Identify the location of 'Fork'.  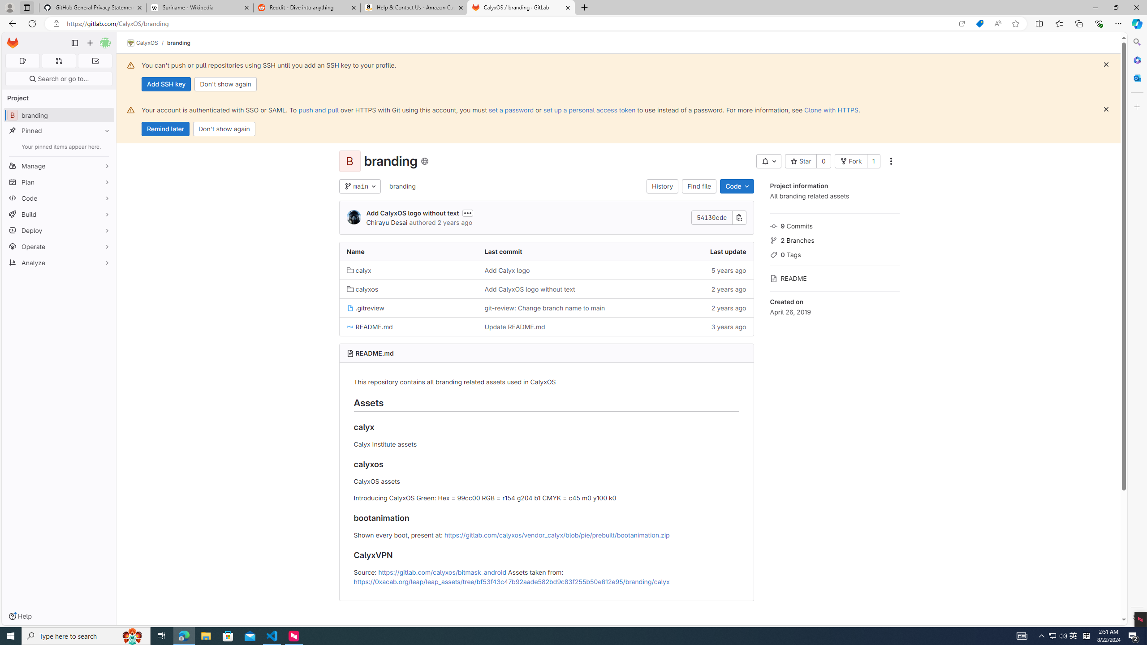
(850, 161).